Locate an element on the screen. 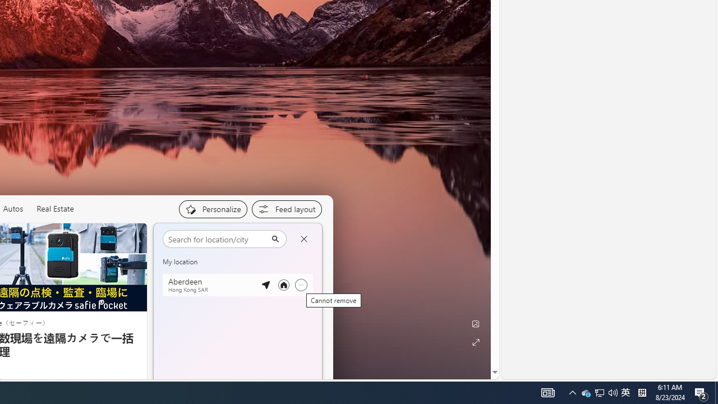  'Set as your primary location' is located at coordinates (283, 284).